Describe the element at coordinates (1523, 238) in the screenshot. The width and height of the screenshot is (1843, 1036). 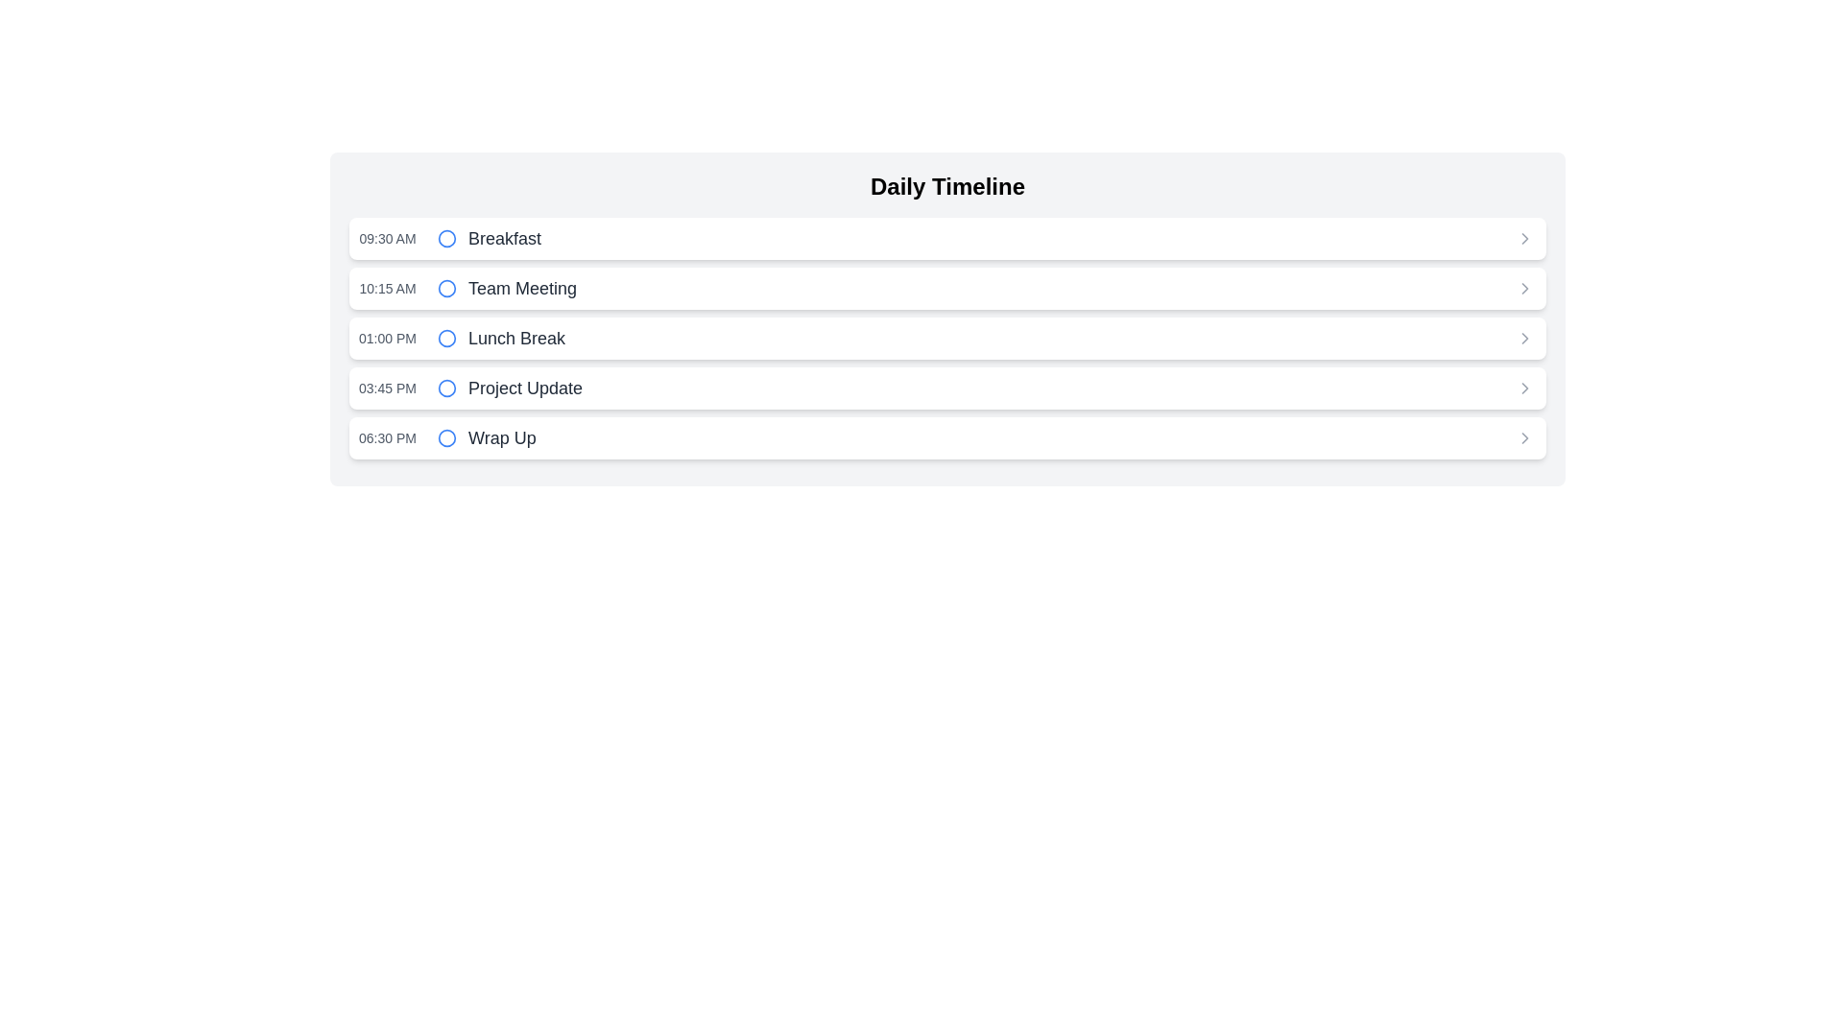
I see `the small right-facing gray arrow icon located at the far right side of the timeline entry row labeled '09:30 AM Breakfast'` at that location.